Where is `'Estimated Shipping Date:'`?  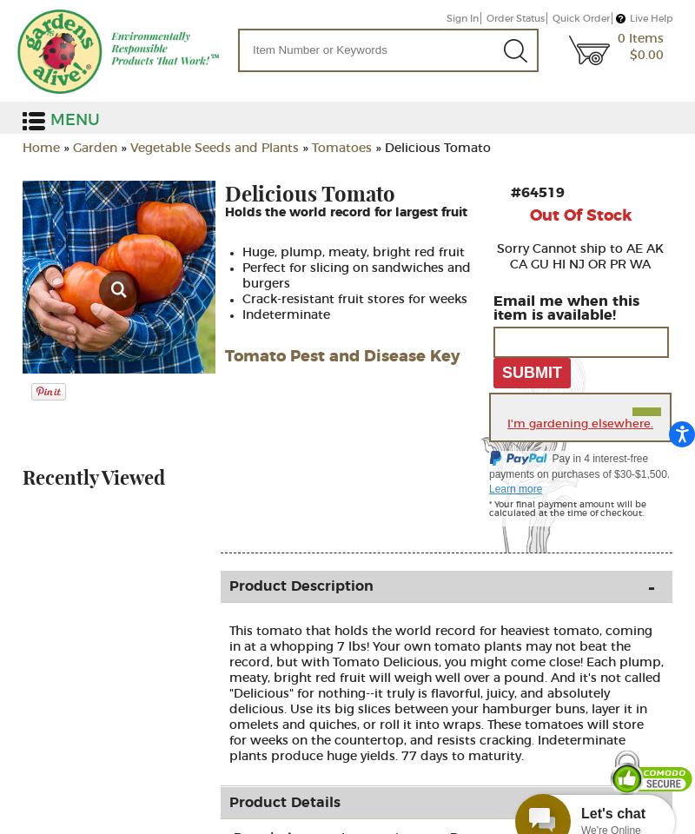 'Estimated Shipping Date:' is located at coordinates (346, 259).